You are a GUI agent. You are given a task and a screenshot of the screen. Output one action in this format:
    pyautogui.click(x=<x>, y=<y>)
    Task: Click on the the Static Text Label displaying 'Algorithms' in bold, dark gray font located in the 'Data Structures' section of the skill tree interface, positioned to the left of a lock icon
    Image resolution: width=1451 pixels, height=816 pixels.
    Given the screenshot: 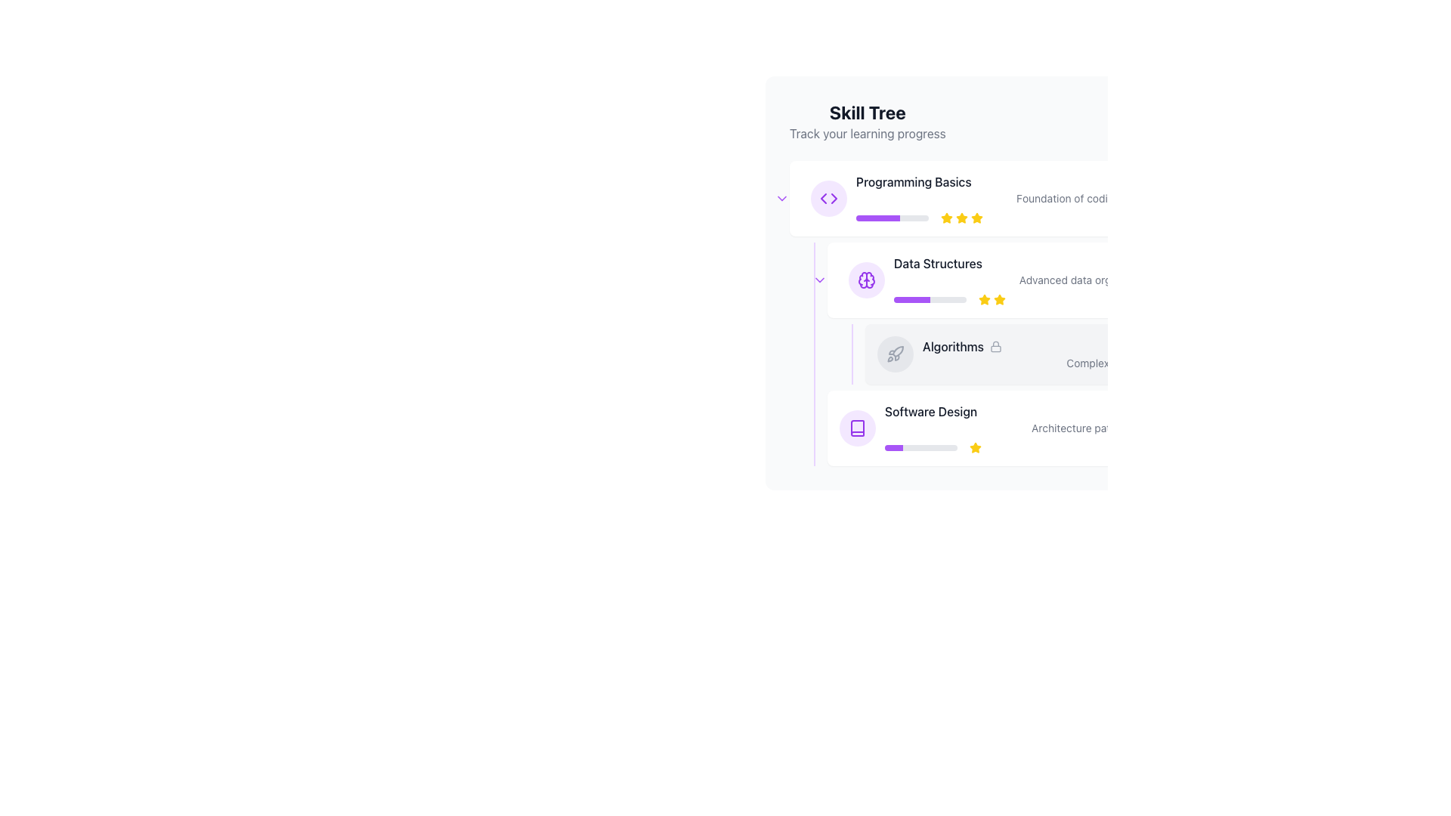 What is the action you would take?
    pyautogui.click(x=952, y=347)
    